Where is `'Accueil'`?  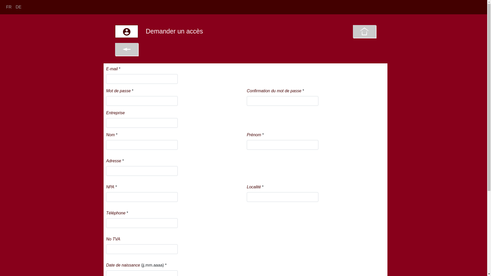
'Accueil' is located at coordinates (364, 31).